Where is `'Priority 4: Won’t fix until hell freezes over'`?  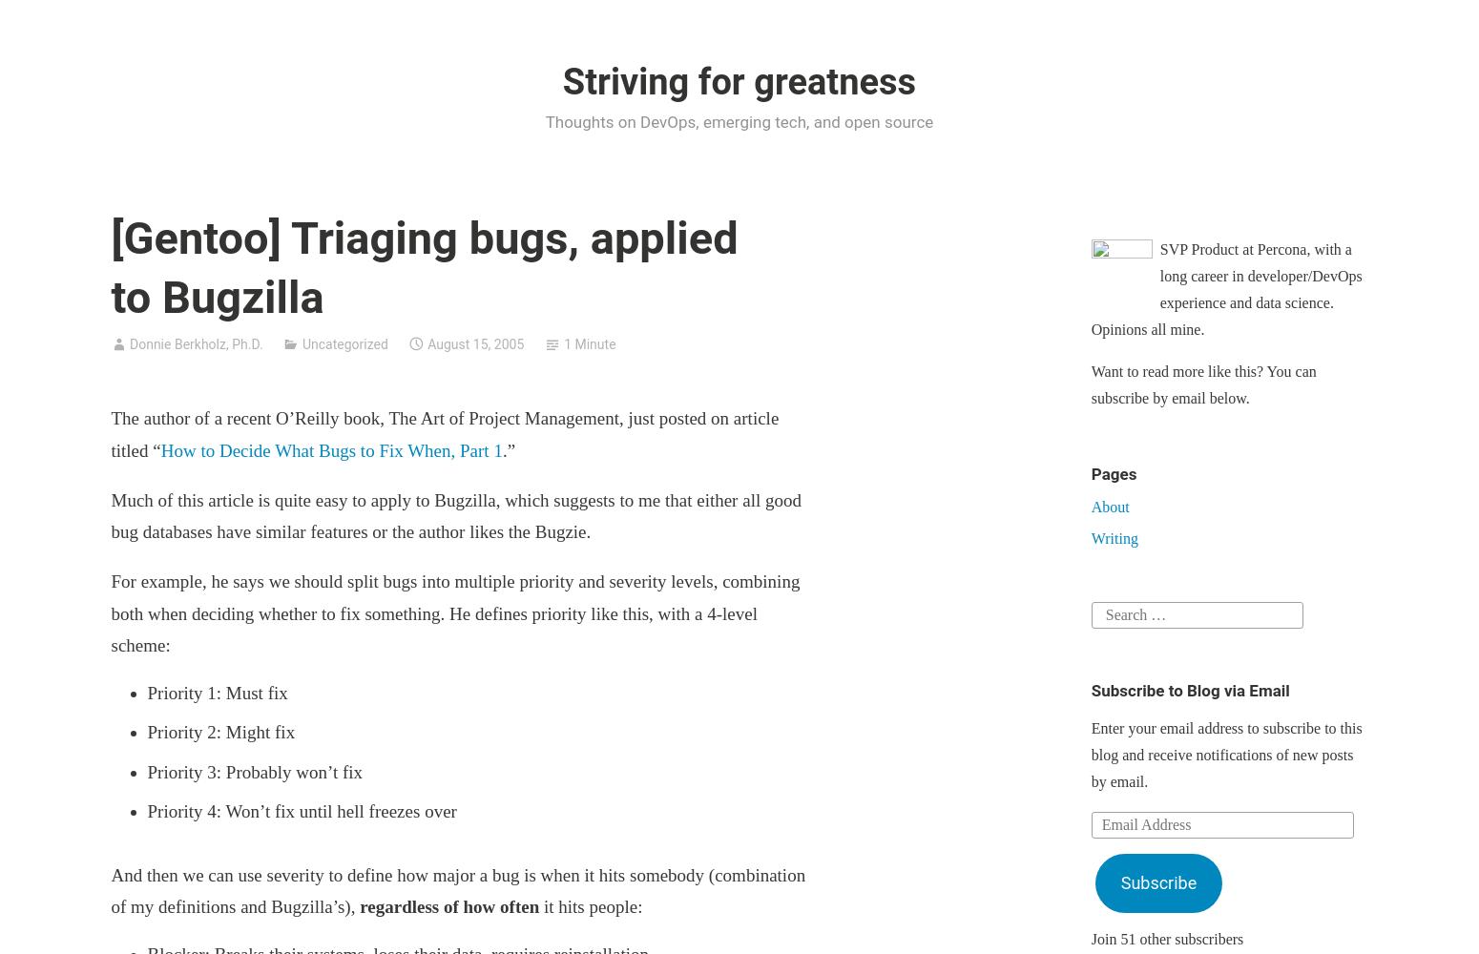
'Priority 4: Won’t fix until hell freezes over' is located at coordinates (301, 810).